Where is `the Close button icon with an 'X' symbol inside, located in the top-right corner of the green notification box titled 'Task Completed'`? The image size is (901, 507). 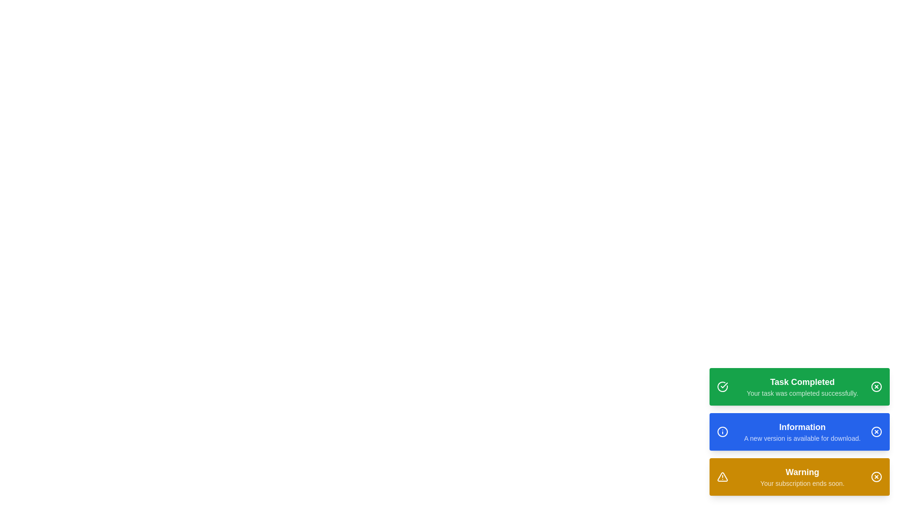 the Close button icon with an 'X' symbol inside, located in the top-right corner of the green notification box titled 'Task Completed' is located at coordinates (876, 387).